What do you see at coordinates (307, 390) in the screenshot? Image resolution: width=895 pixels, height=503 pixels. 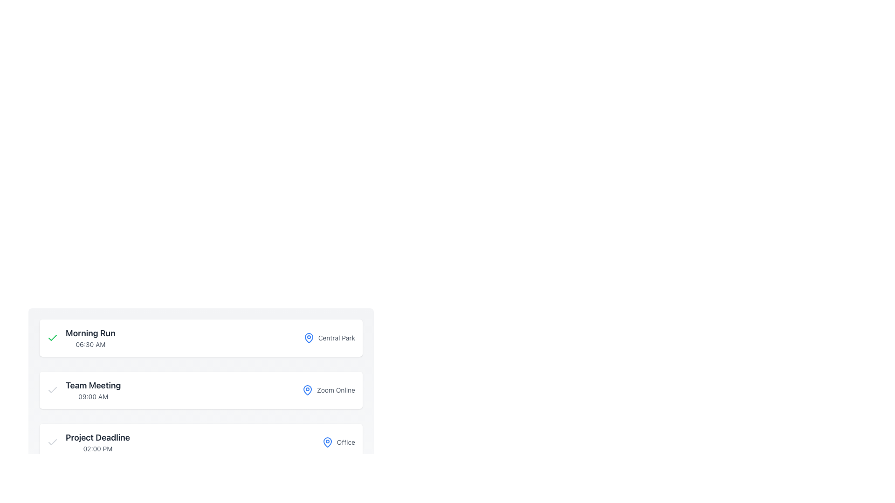 I see `the location icon that visually indicates the presence of a point of interest associated with the nearby text 'Zoom Online'` at bounding box center [307, 390].